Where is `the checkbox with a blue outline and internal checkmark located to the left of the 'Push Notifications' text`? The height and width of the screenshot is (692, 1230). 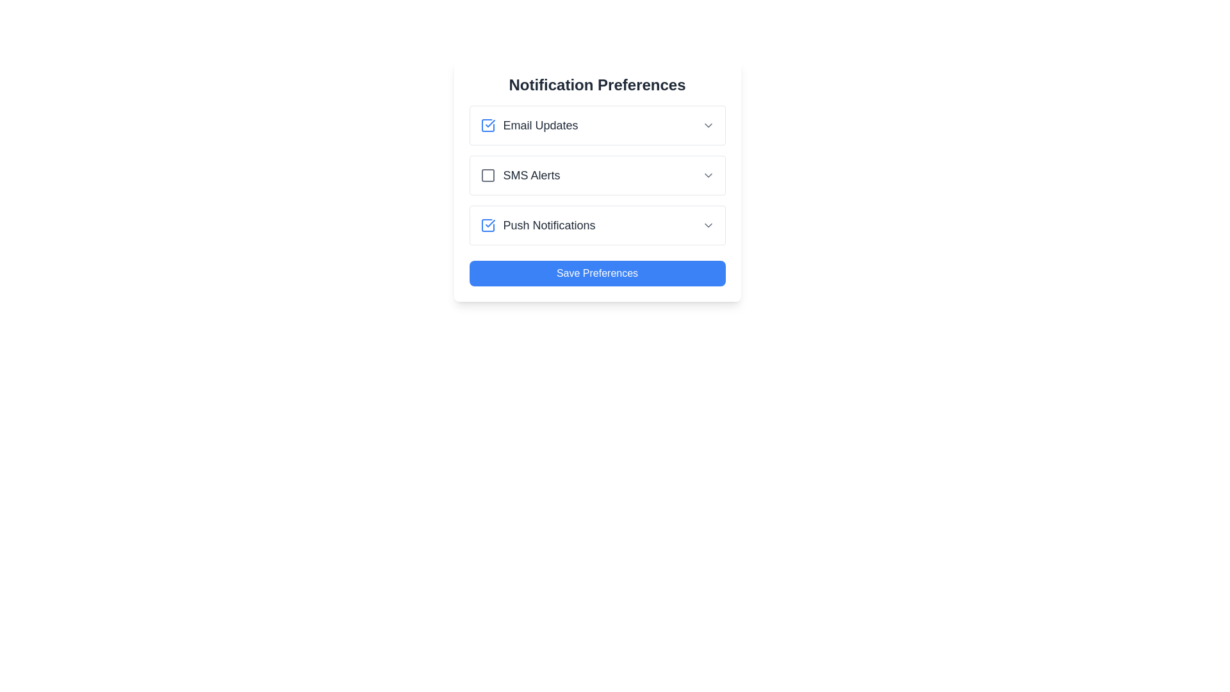 the checkbox with a blue outline and internal checkmark located to the left of the 'Push Notifications' text is located at coordinates (487, 224).